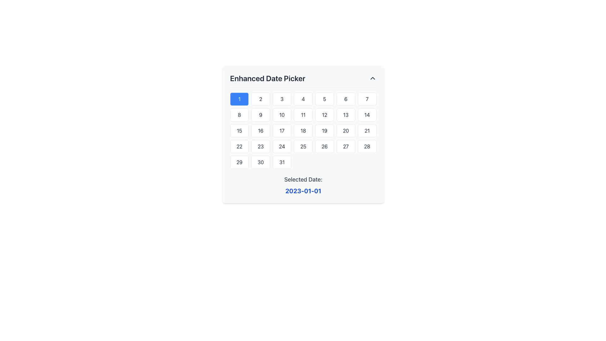 The height and width of the screenshot is (341, 606). What do you see at coordinates (261, 115) in the screenshot?
I see `the selectable date button '9' in the date-picker component` at bounding box center [261, 115].